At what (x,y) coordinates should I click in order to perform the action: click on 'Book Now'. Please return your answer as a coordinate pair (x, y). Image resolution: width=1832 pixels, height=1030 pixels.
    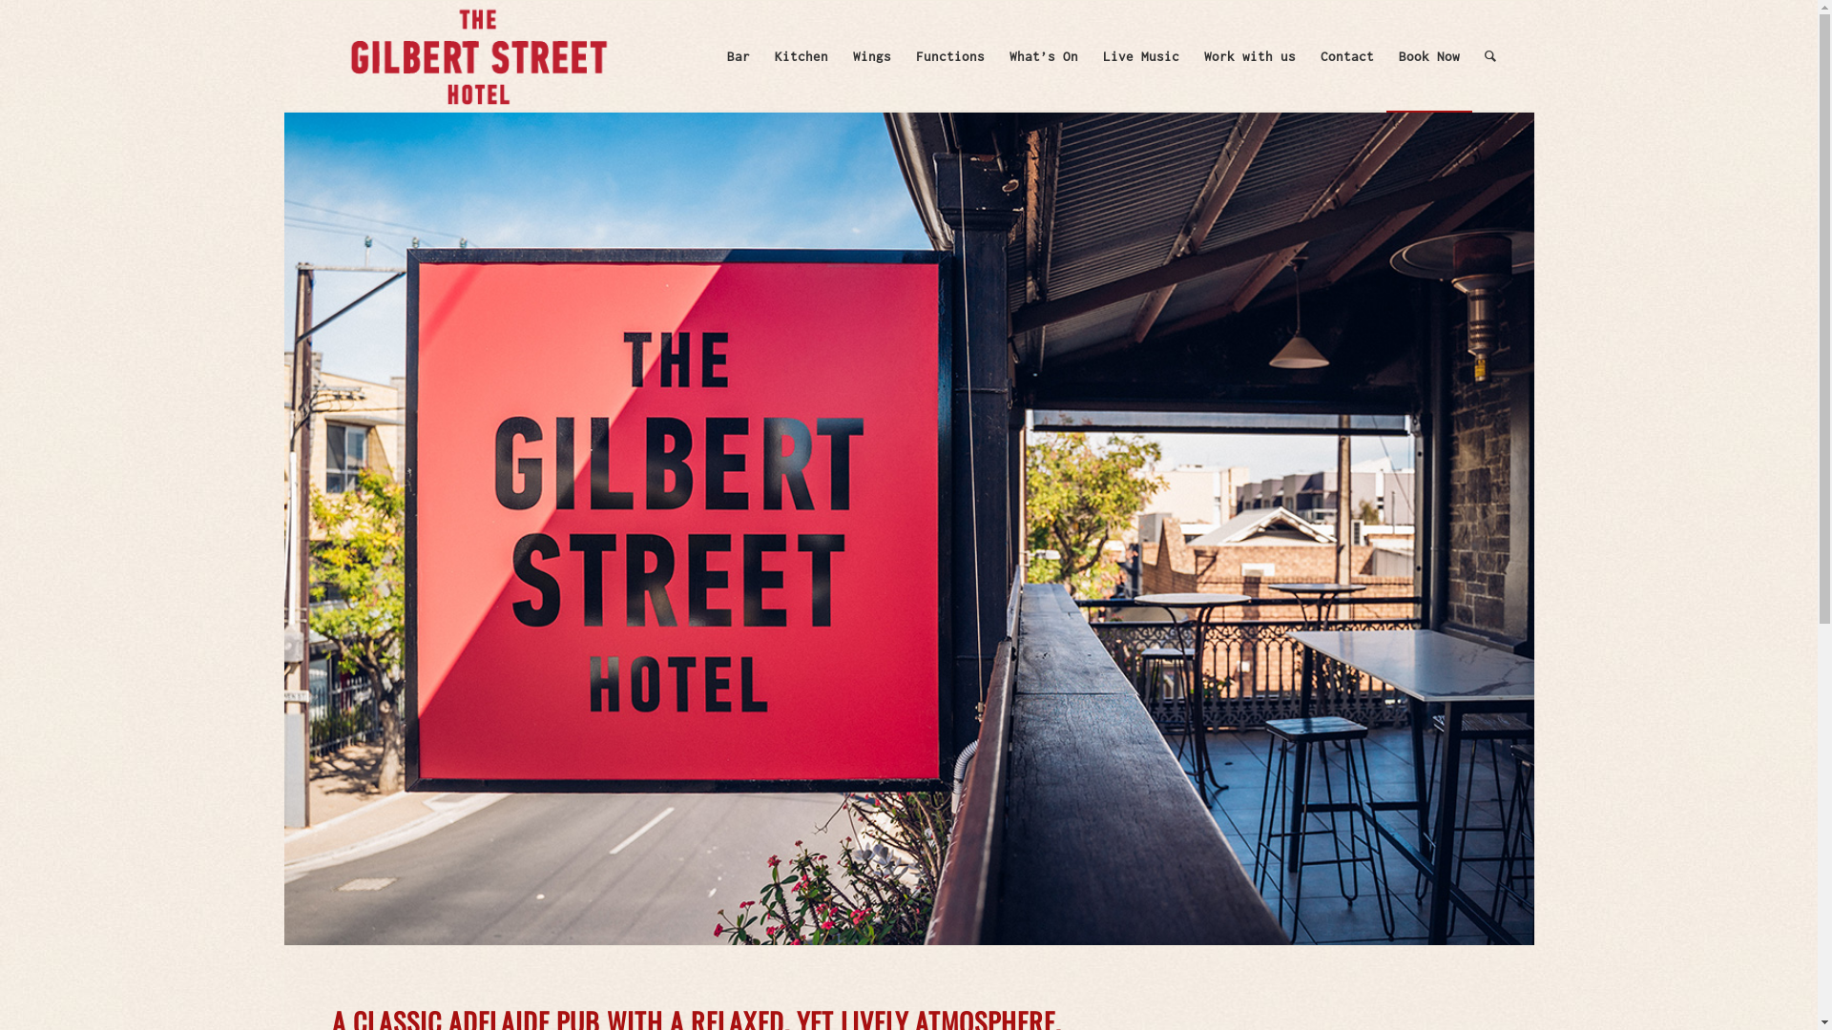
    Looking at the image, I should click on (1428, 54).